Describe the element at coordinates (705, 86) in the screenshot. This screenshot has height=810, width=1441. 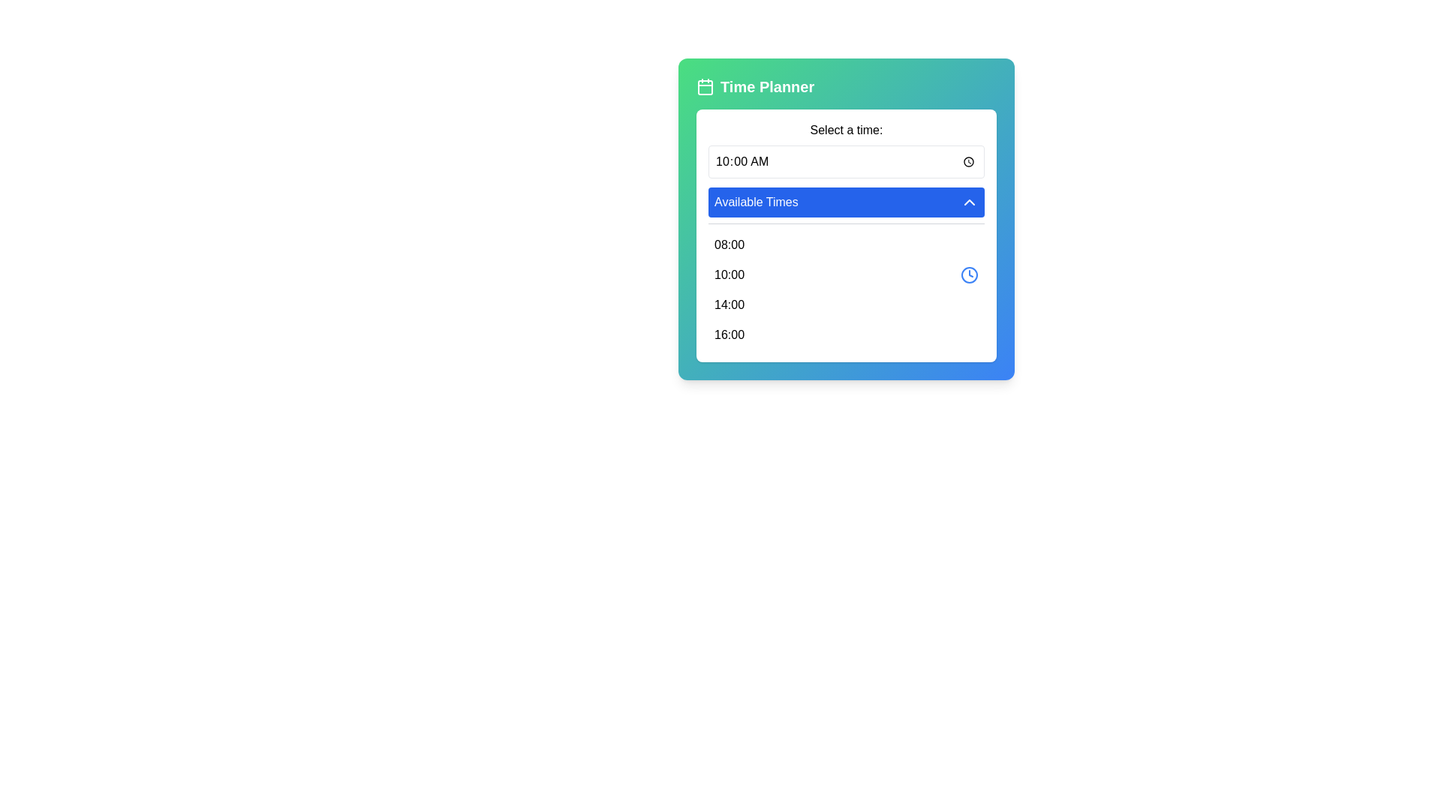
I see `the small calendar icon with a green background and white outline located to the left of the 'Time Planner' text` at that location.